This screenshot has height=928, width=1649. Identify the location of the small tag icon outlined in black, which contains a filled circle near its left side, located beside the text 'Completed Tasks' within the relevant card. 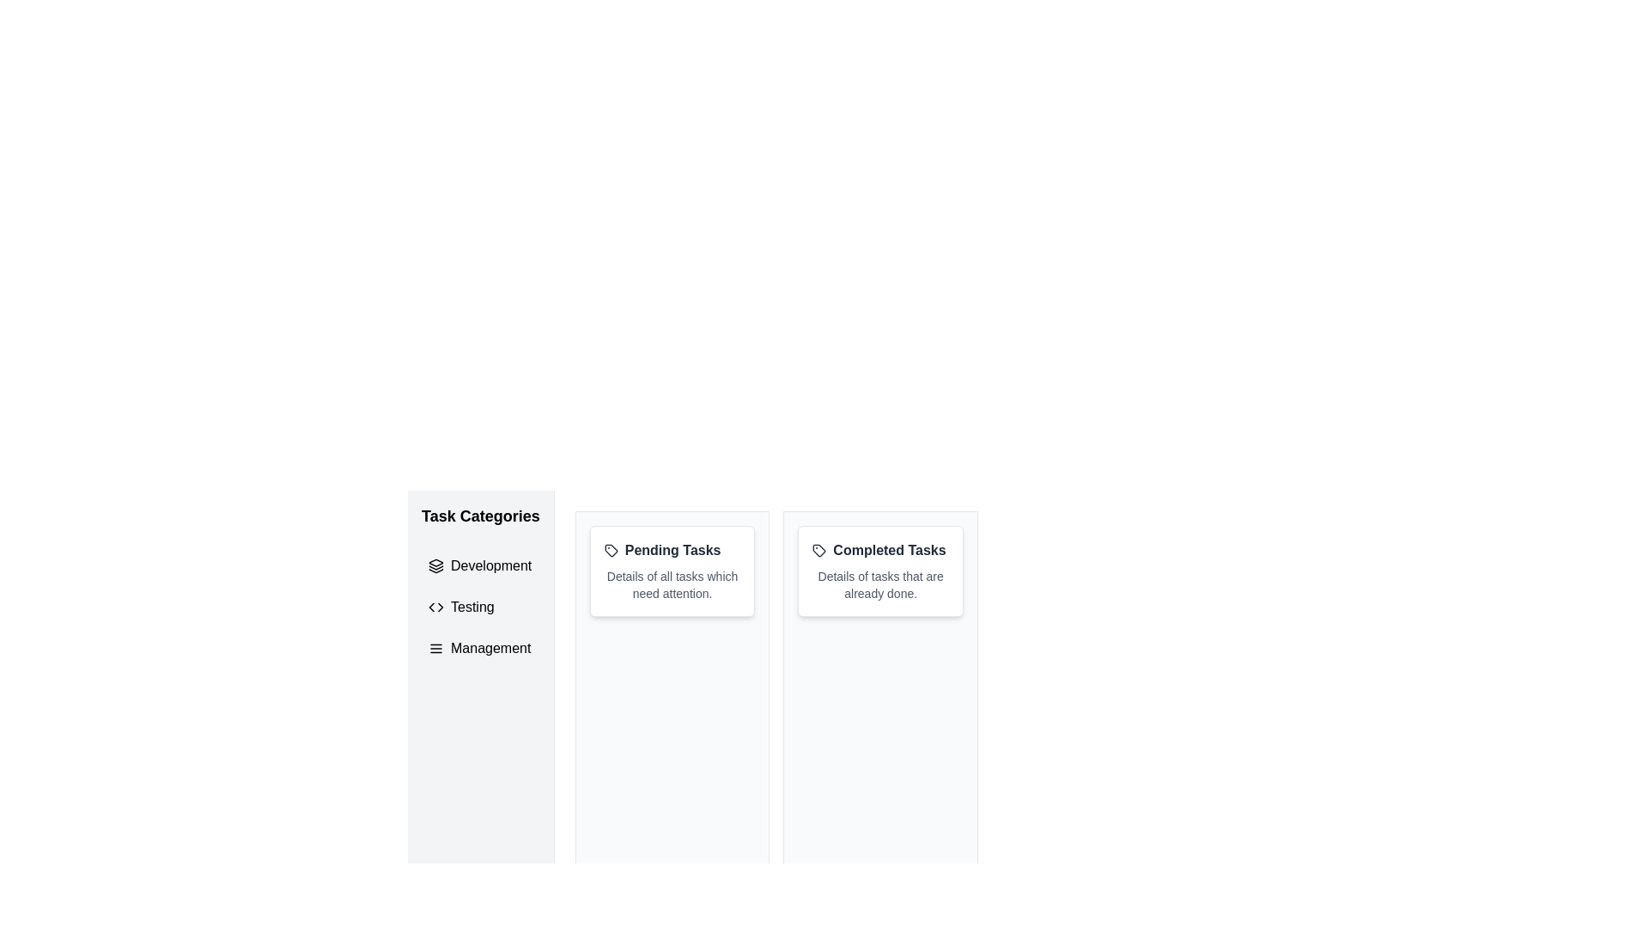
(818, 550).